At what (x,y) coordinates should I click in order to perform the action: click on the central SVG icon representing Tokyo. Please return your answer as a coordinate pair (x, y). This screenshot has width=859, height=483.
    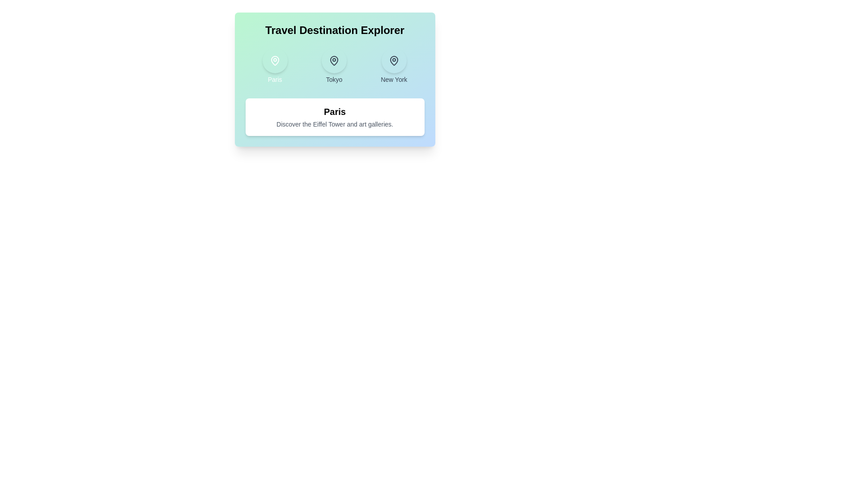
    Looking at the image, I should click on (333, 60).